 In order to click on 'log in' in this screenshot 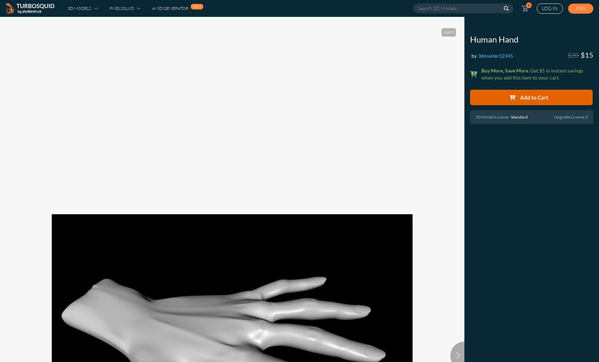, I will do `click(542, 8)`.